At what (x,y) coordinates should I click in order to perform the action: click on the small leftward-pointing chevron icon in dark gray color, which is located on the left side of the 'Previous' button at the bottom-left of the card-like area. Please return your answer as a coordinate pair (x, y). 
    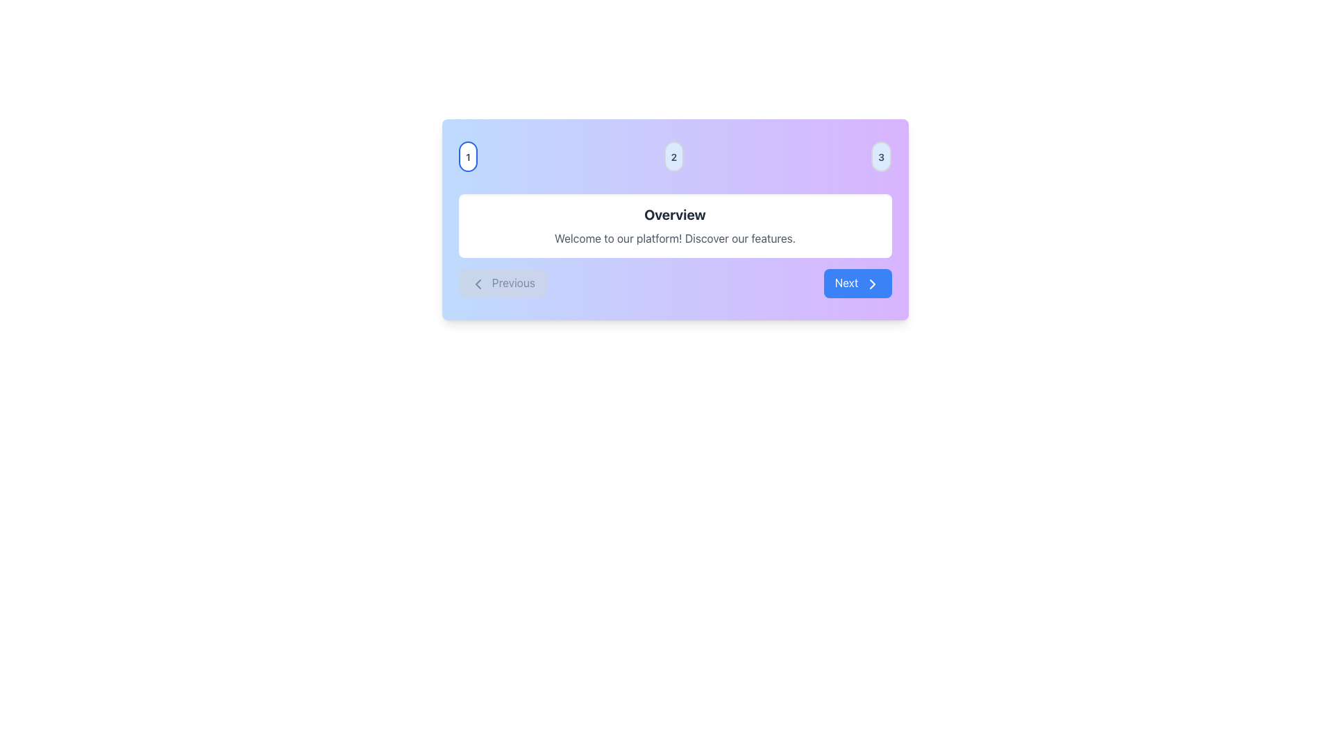
    Looking at the image, I should click on (478, 283).